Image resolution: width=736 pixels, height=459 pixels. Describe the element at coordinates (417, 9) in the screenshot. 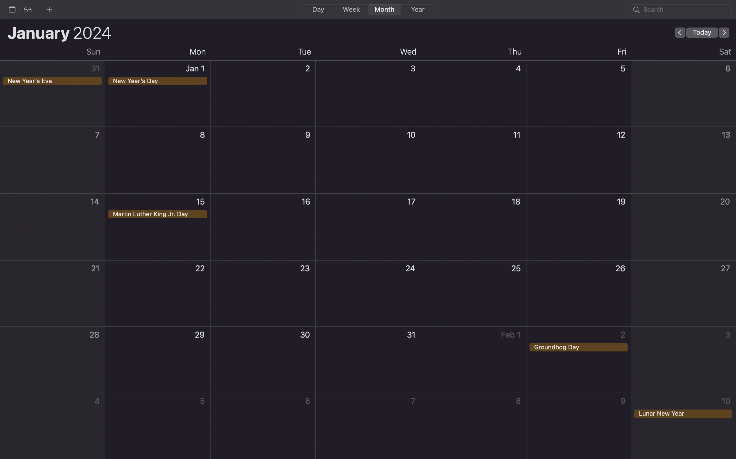

I see `Display the calendar in the format of a whole year` at that location.